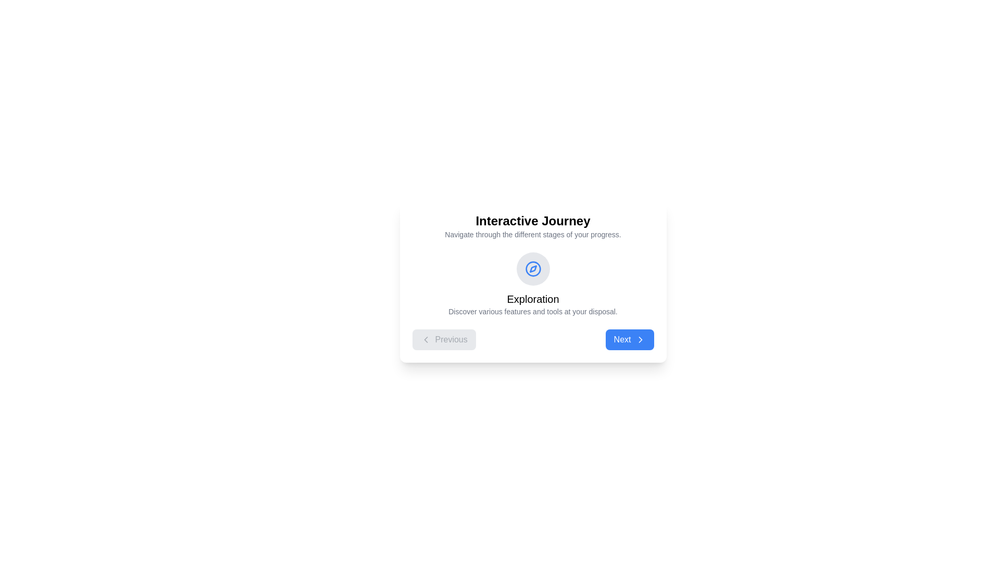 The image size is (1000, 562). I want to click on static text label located below the 'Interactive Journey' heading, which provides additional context about the interface segment, so click(533, 235).